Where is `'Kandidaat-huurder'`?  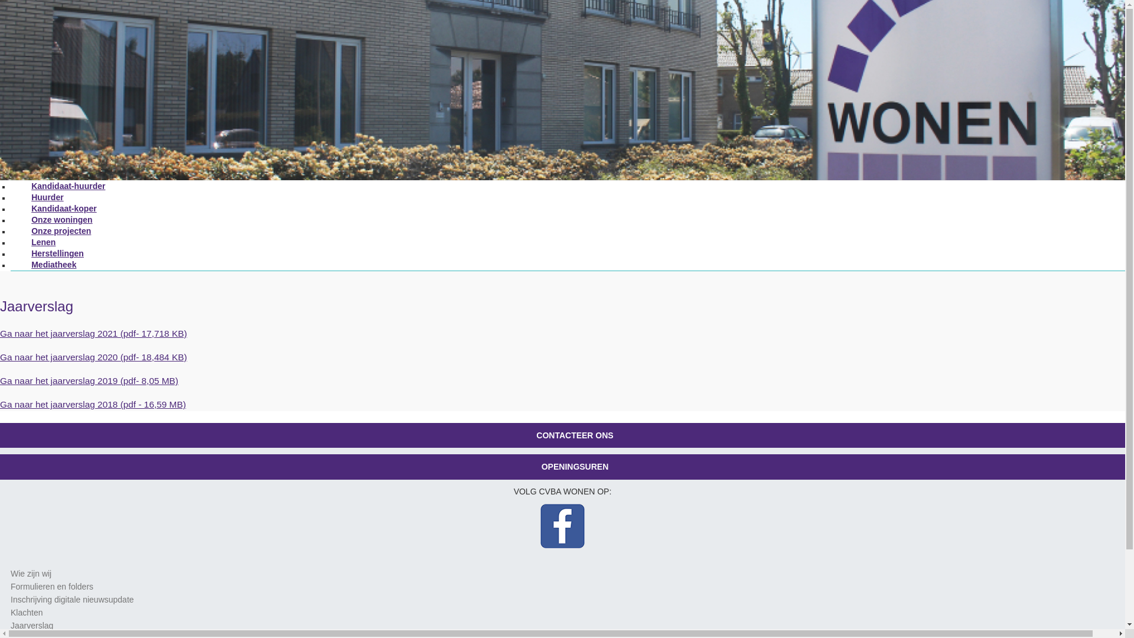
'Kandidaat-huurder' is located at coordinates (67, 186).